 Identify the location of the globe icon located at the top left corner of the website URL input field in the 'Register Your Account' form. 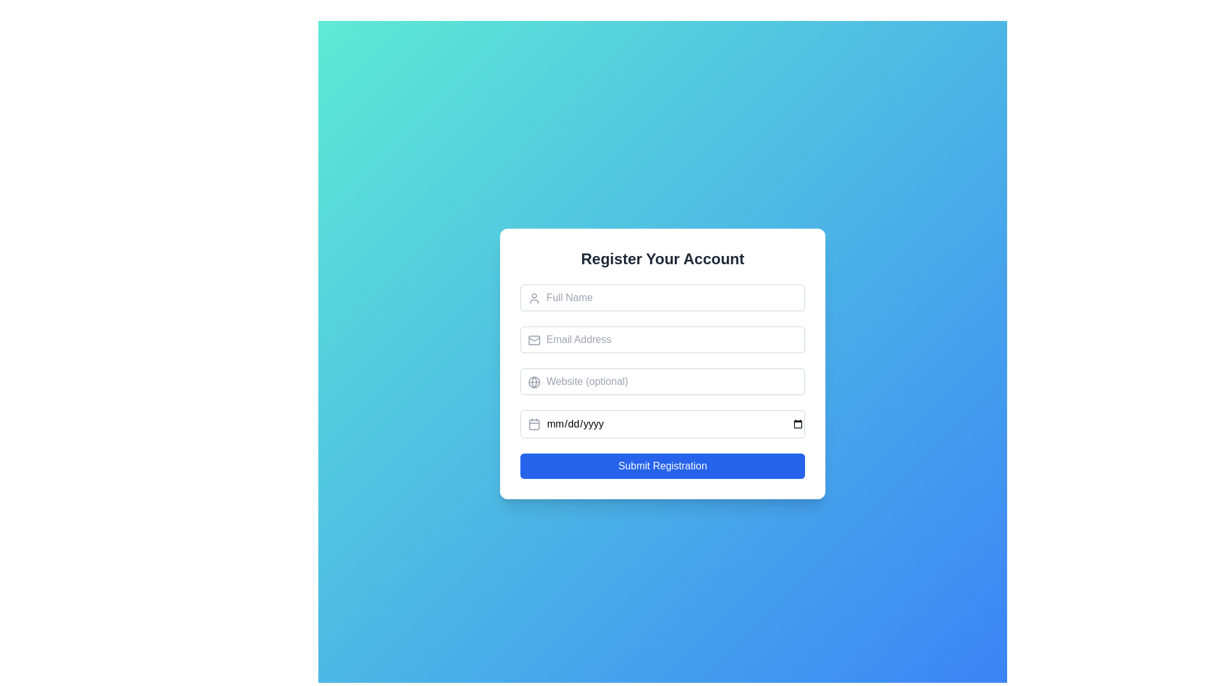
(534, 381).